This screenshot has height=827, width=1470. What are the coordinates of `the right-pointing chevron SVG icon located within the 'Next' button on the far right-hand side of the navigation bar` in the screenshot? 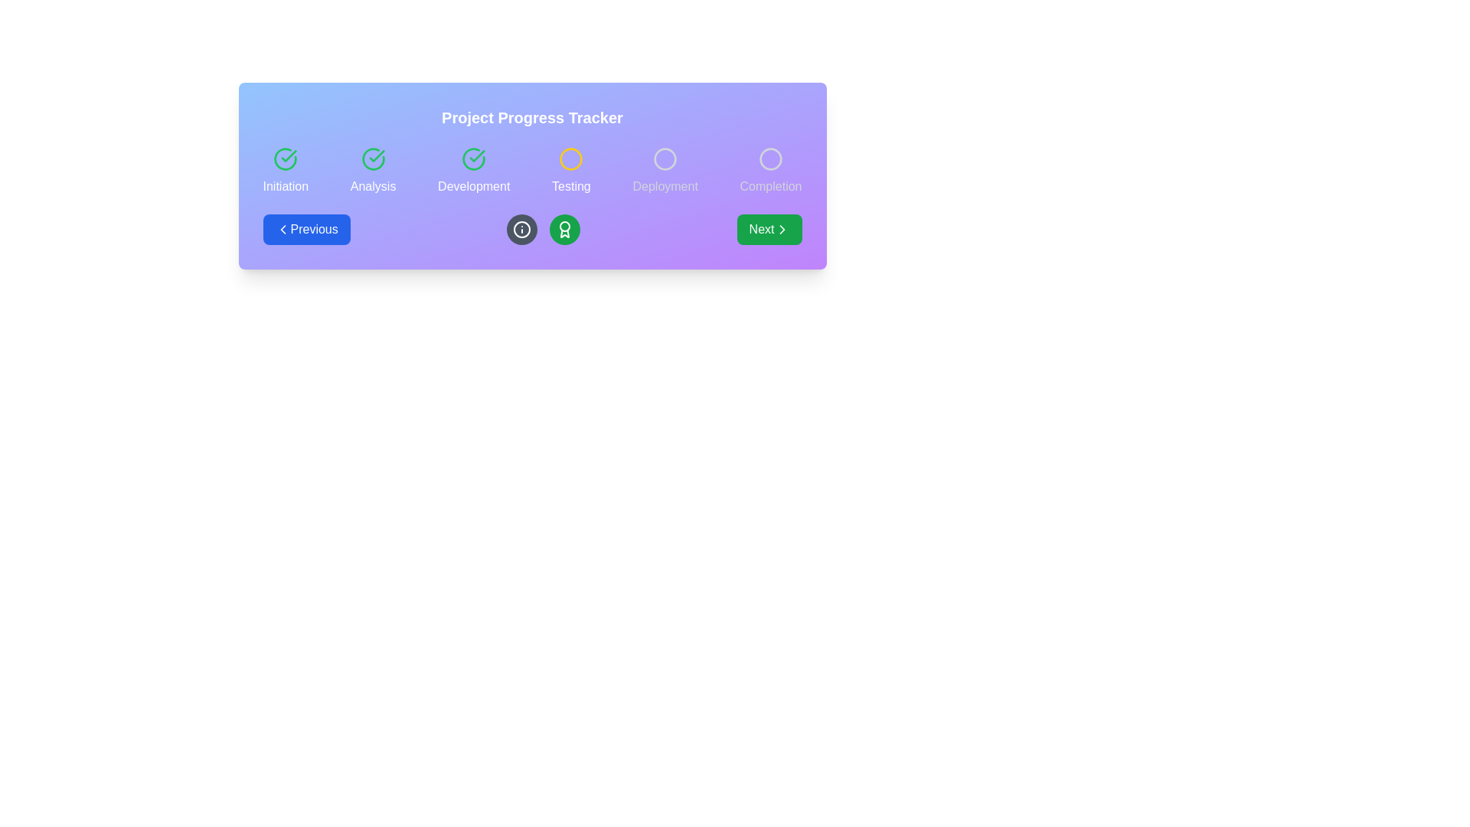 It's located at (782, 230).